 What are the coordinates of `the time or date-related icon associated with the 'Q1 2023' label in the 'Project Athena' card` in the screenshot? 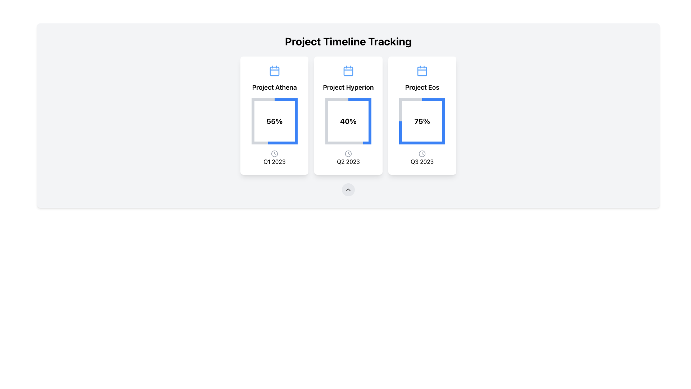 It's located at (274, 153).